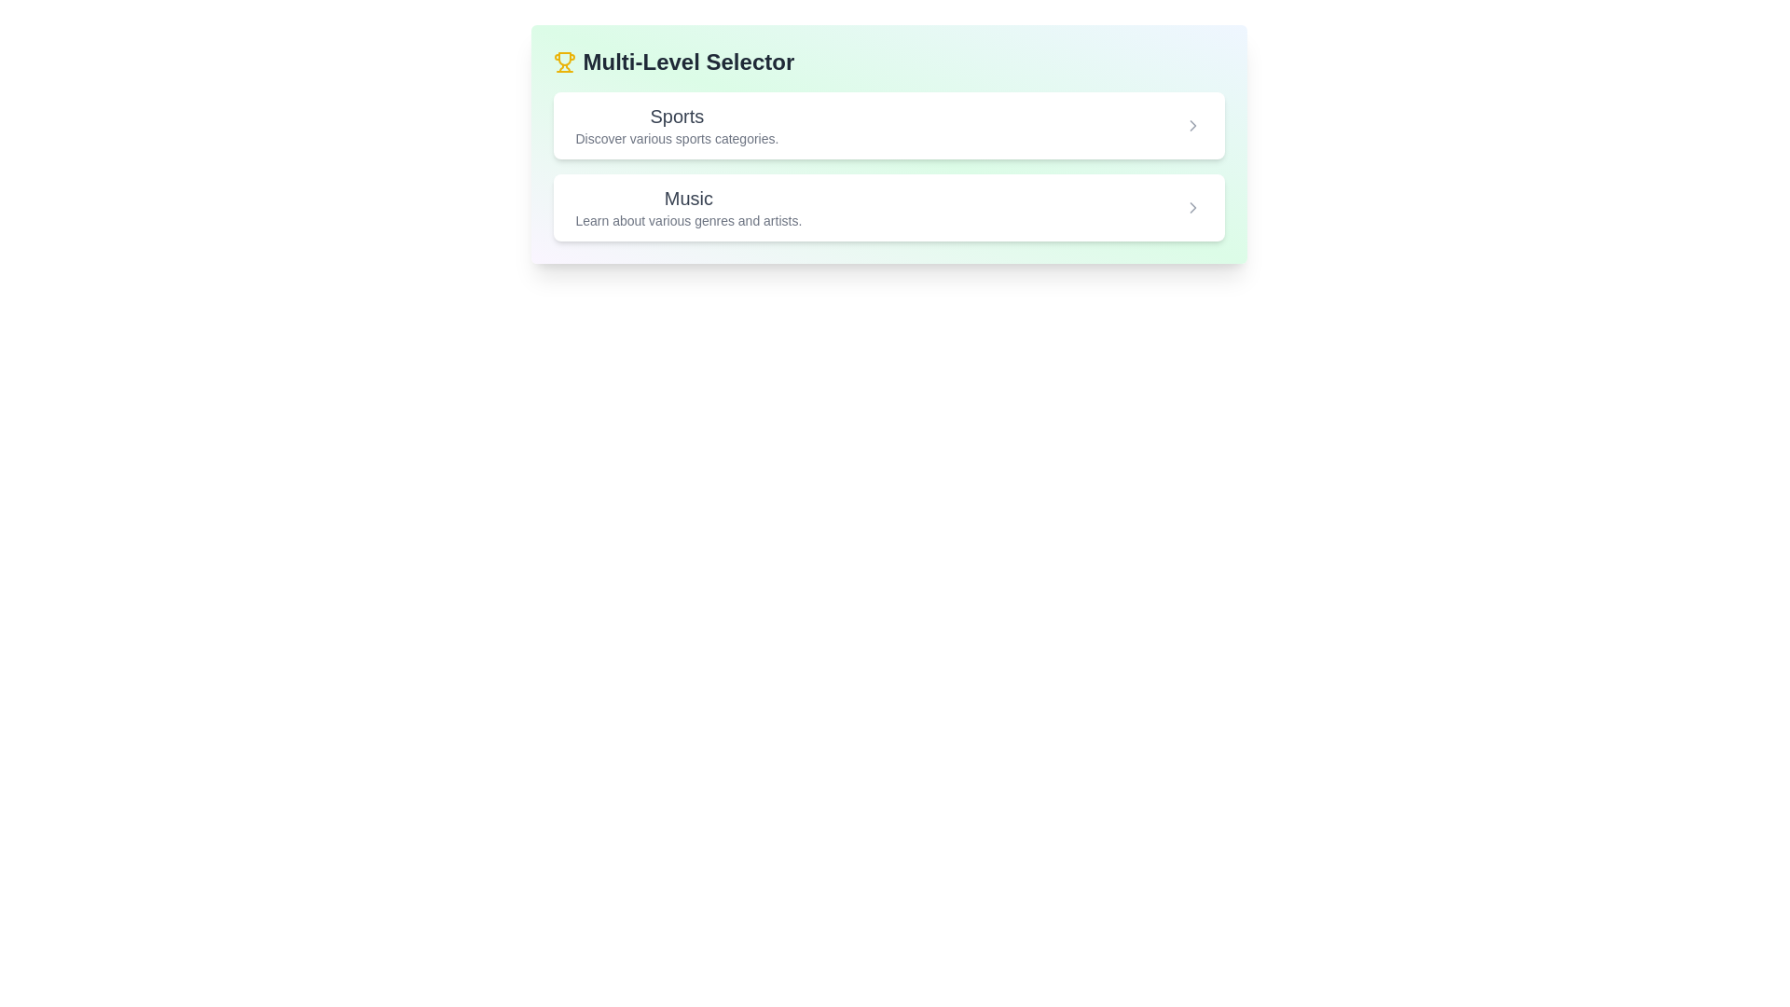  What do you see at coordinates (687, 198) in the screenshot?
I see `the static text element labeled 'Music', which serves as a title for the corresponding list item in the Multi-Level Selector section` at bounding box center [687, 198].